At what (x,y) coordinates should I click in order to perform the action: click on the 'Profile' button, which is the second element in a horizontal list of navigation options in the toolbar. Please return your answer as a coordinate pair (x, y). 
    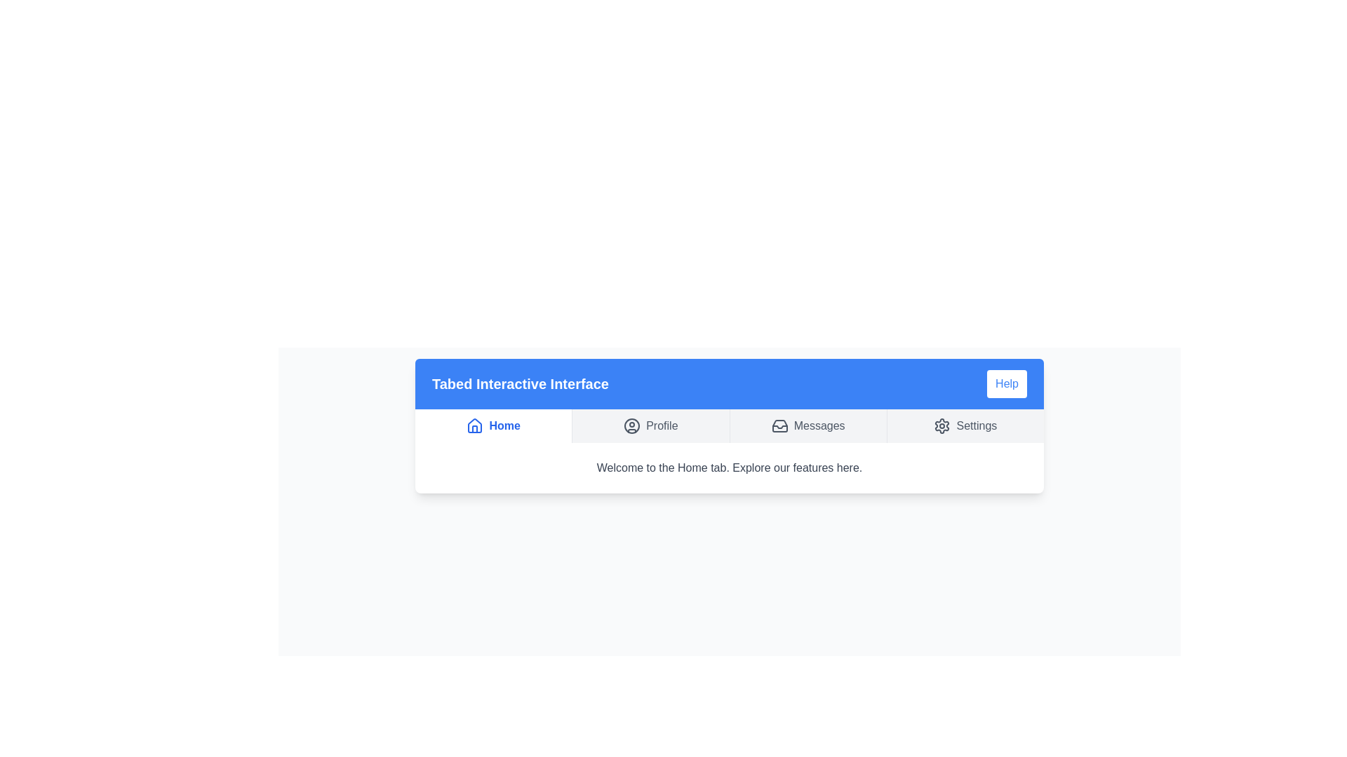
    Looking at the image, I should click on (650, 425).